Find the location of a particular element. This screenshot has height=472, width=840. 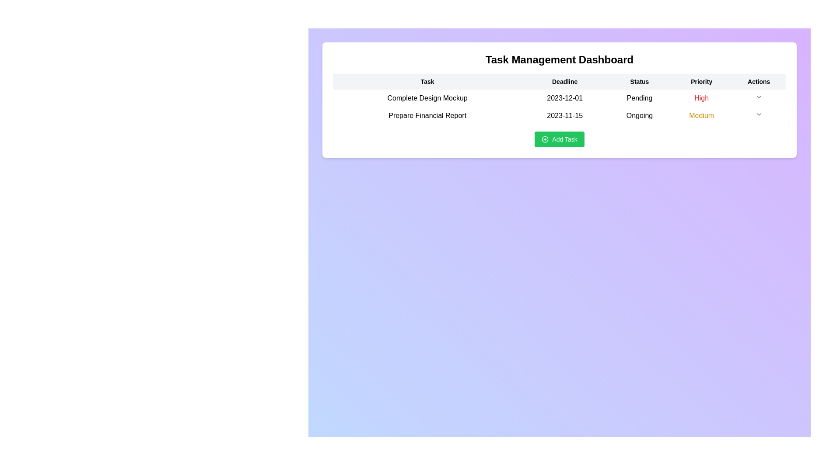

the 'Add Task' button by navigating to the SVG circle component that serves as its background is located at coordinates (545, 139).